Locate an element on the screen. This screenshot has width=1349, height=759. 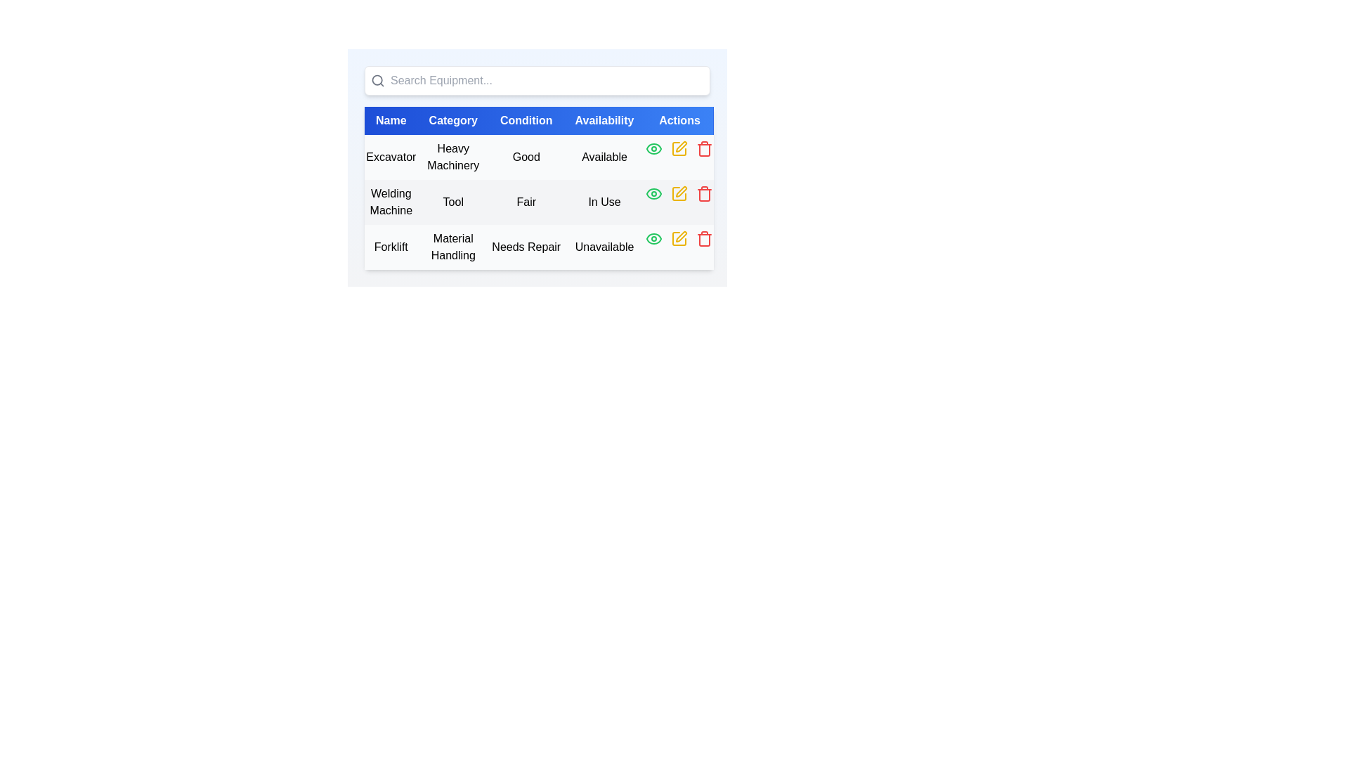
the first row of the table displaying equipment item details is located at coordinates (538, 157).